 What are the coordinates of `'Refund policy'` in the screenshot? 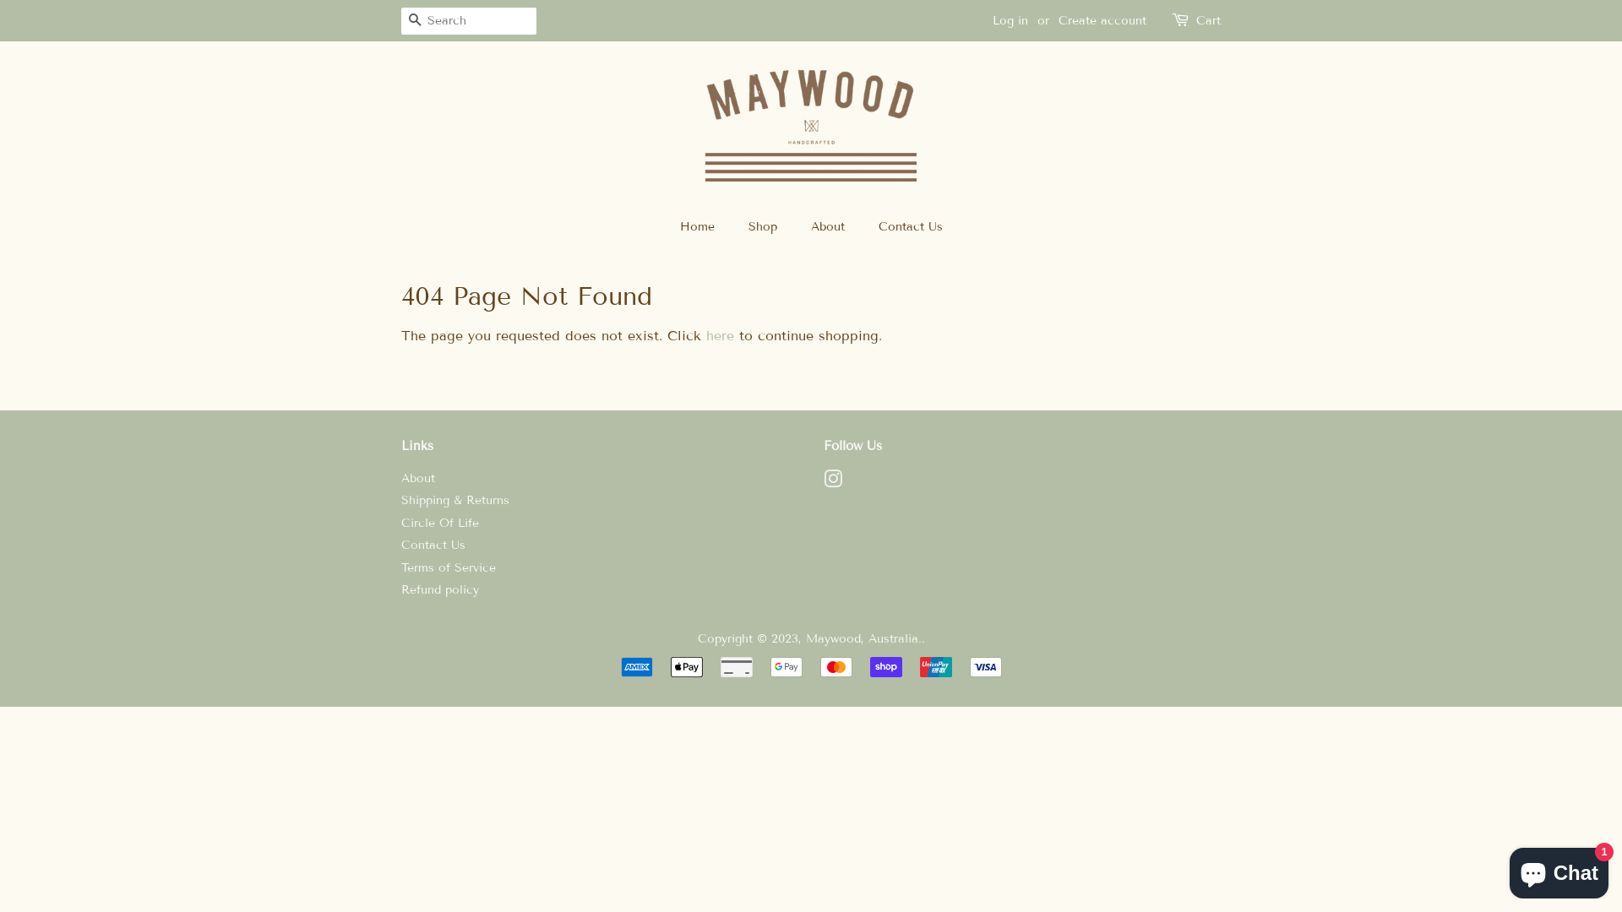 It's located at (440, 589).